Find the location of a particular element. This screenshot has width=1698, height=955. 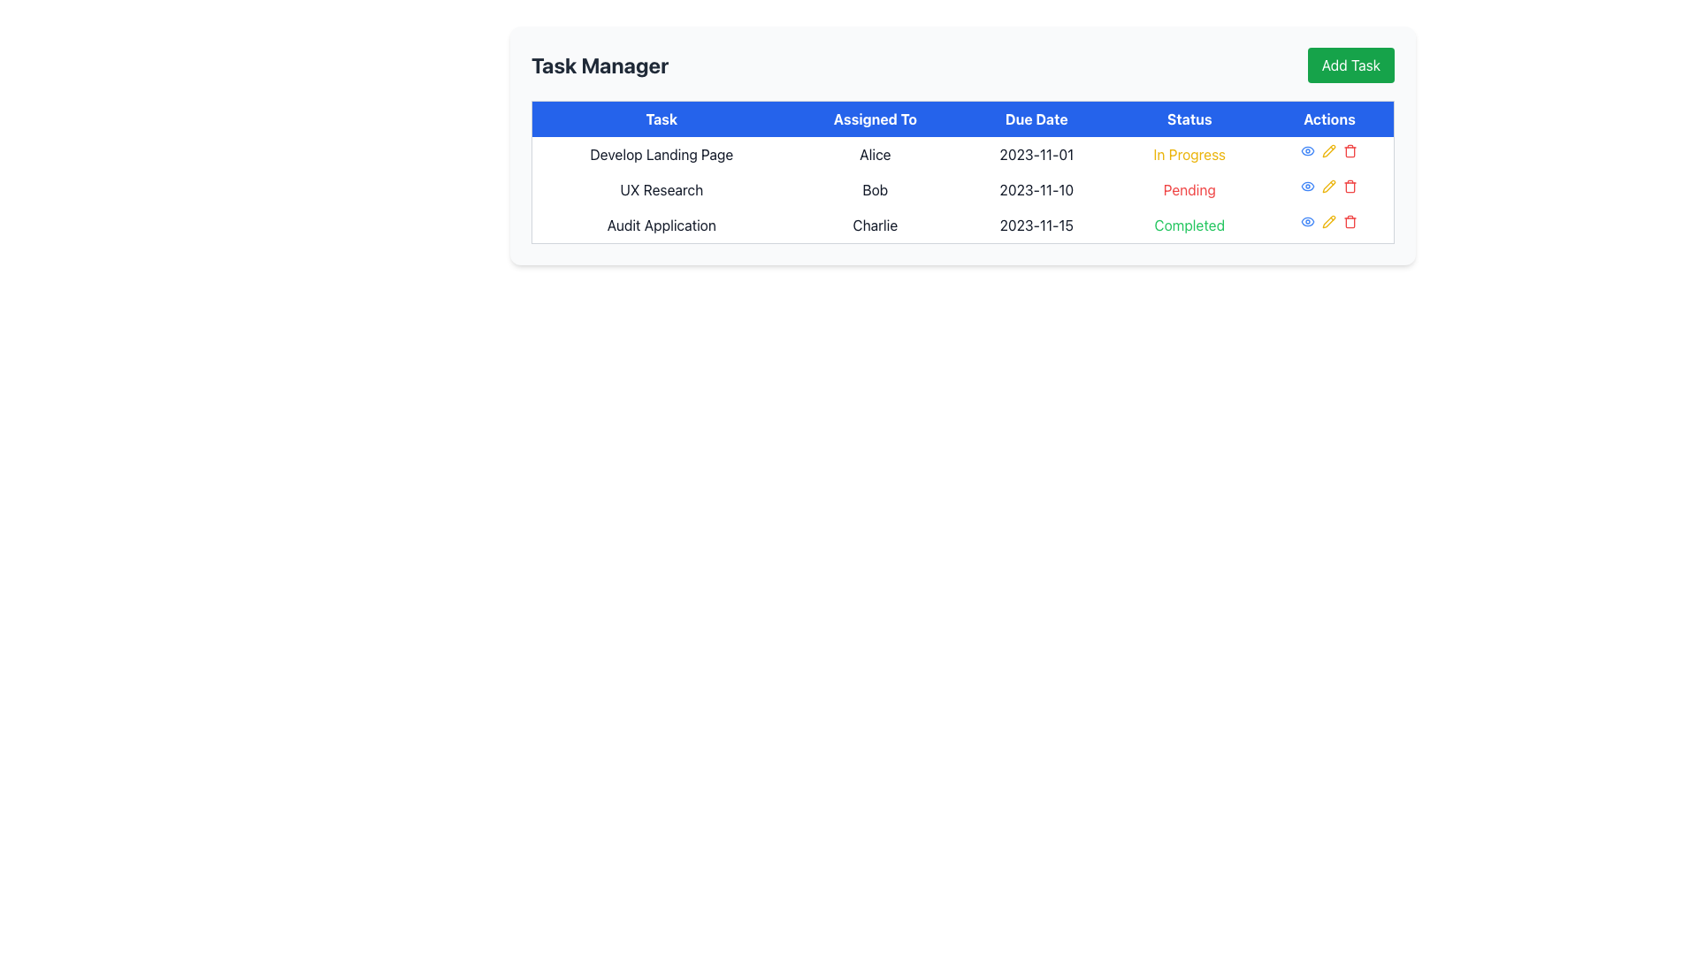

the text label displaying 'Pending' in red color, located in the fourth column of the second row in a table under the 'Status' column, which is positioned to the right of the 'Due Date' value for the task assigned to 'Bob' is located at coordinates (1189, 190).